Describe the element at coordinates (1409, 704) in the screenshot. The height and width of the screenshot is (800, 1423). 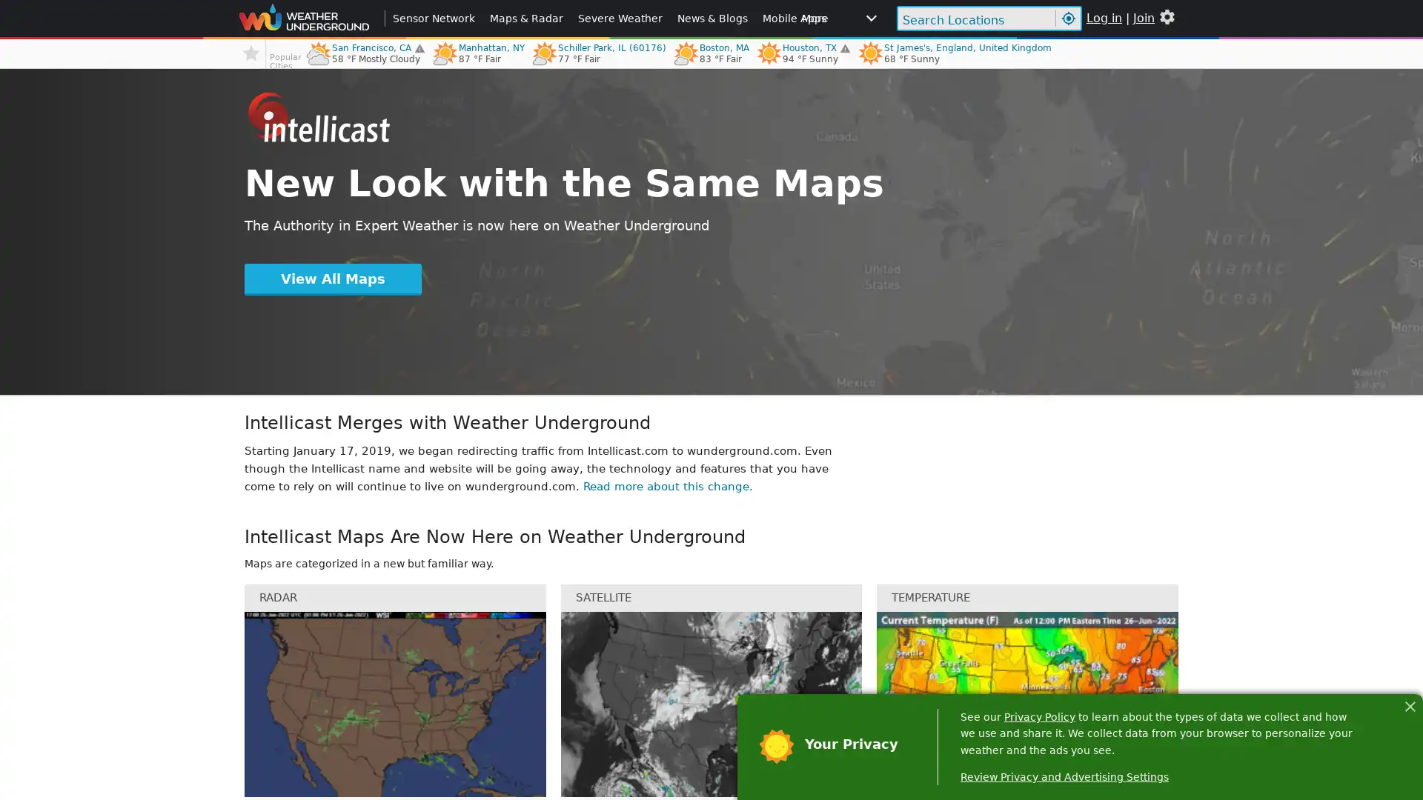
I see `close` at that location.